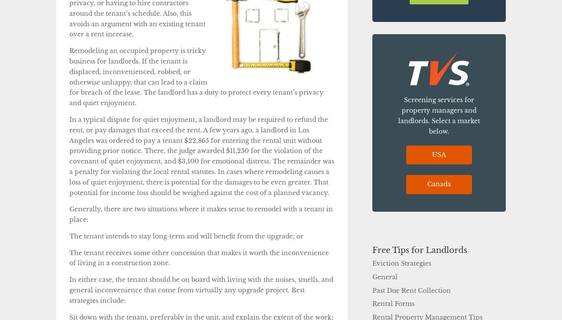 The width and height of the screenshot is (562, 320). I want to click on 'USA', so click(439, 154).